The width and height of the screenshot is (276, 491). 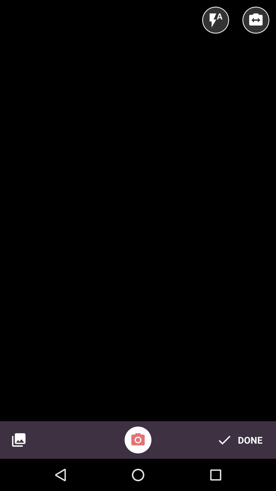 I want to click on the flash icon, so click(x=215, y=20).